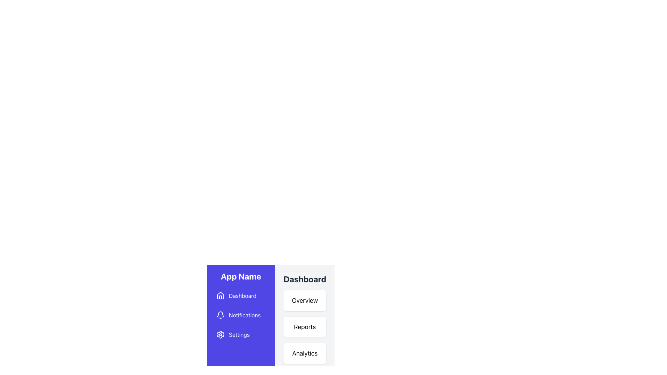  What do you see at coordinates (305, 327) in the screenshot?
I see `the navigational button representing the Reports section within the Dashboard card layout` at bounding box center [305, 327].